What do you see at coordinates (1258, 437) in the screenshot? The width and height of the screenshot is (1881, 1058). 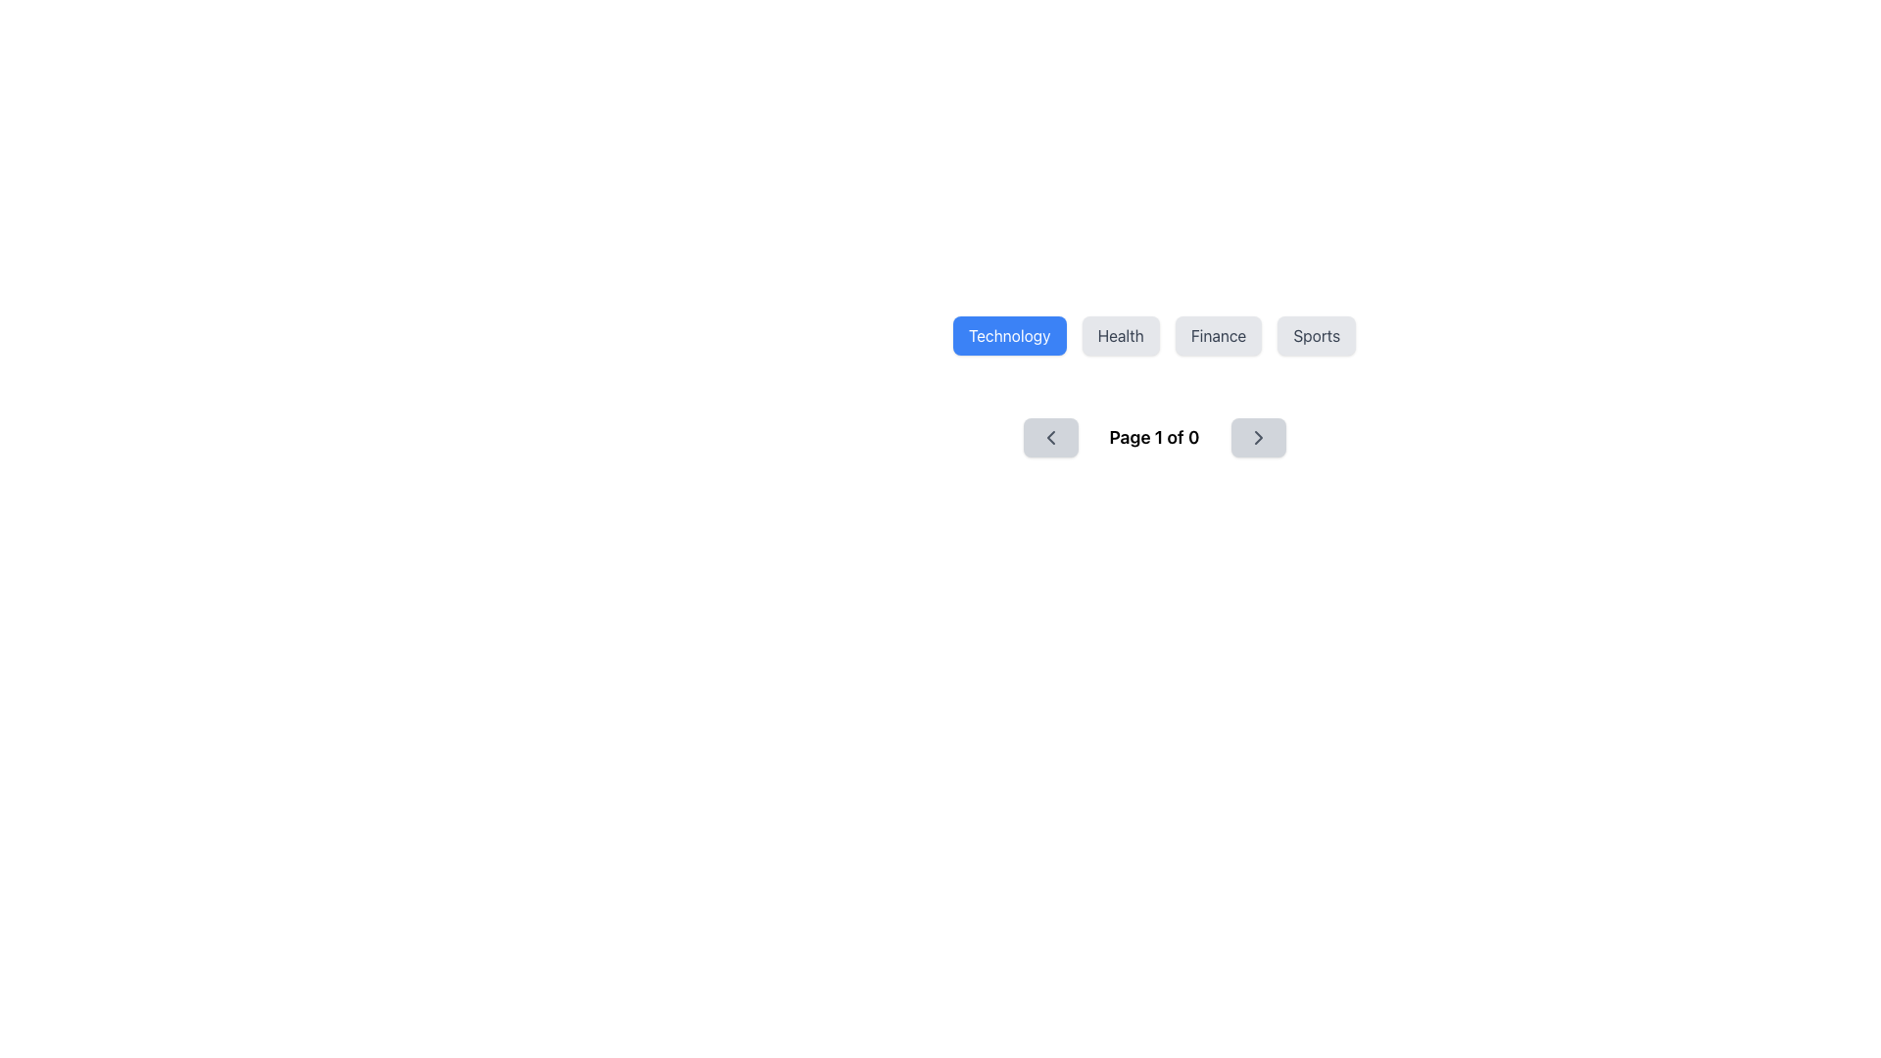 I see `the gray button with rounded corners and a chevron-arrow icon pointing right` at bounding box center [1258, 437].